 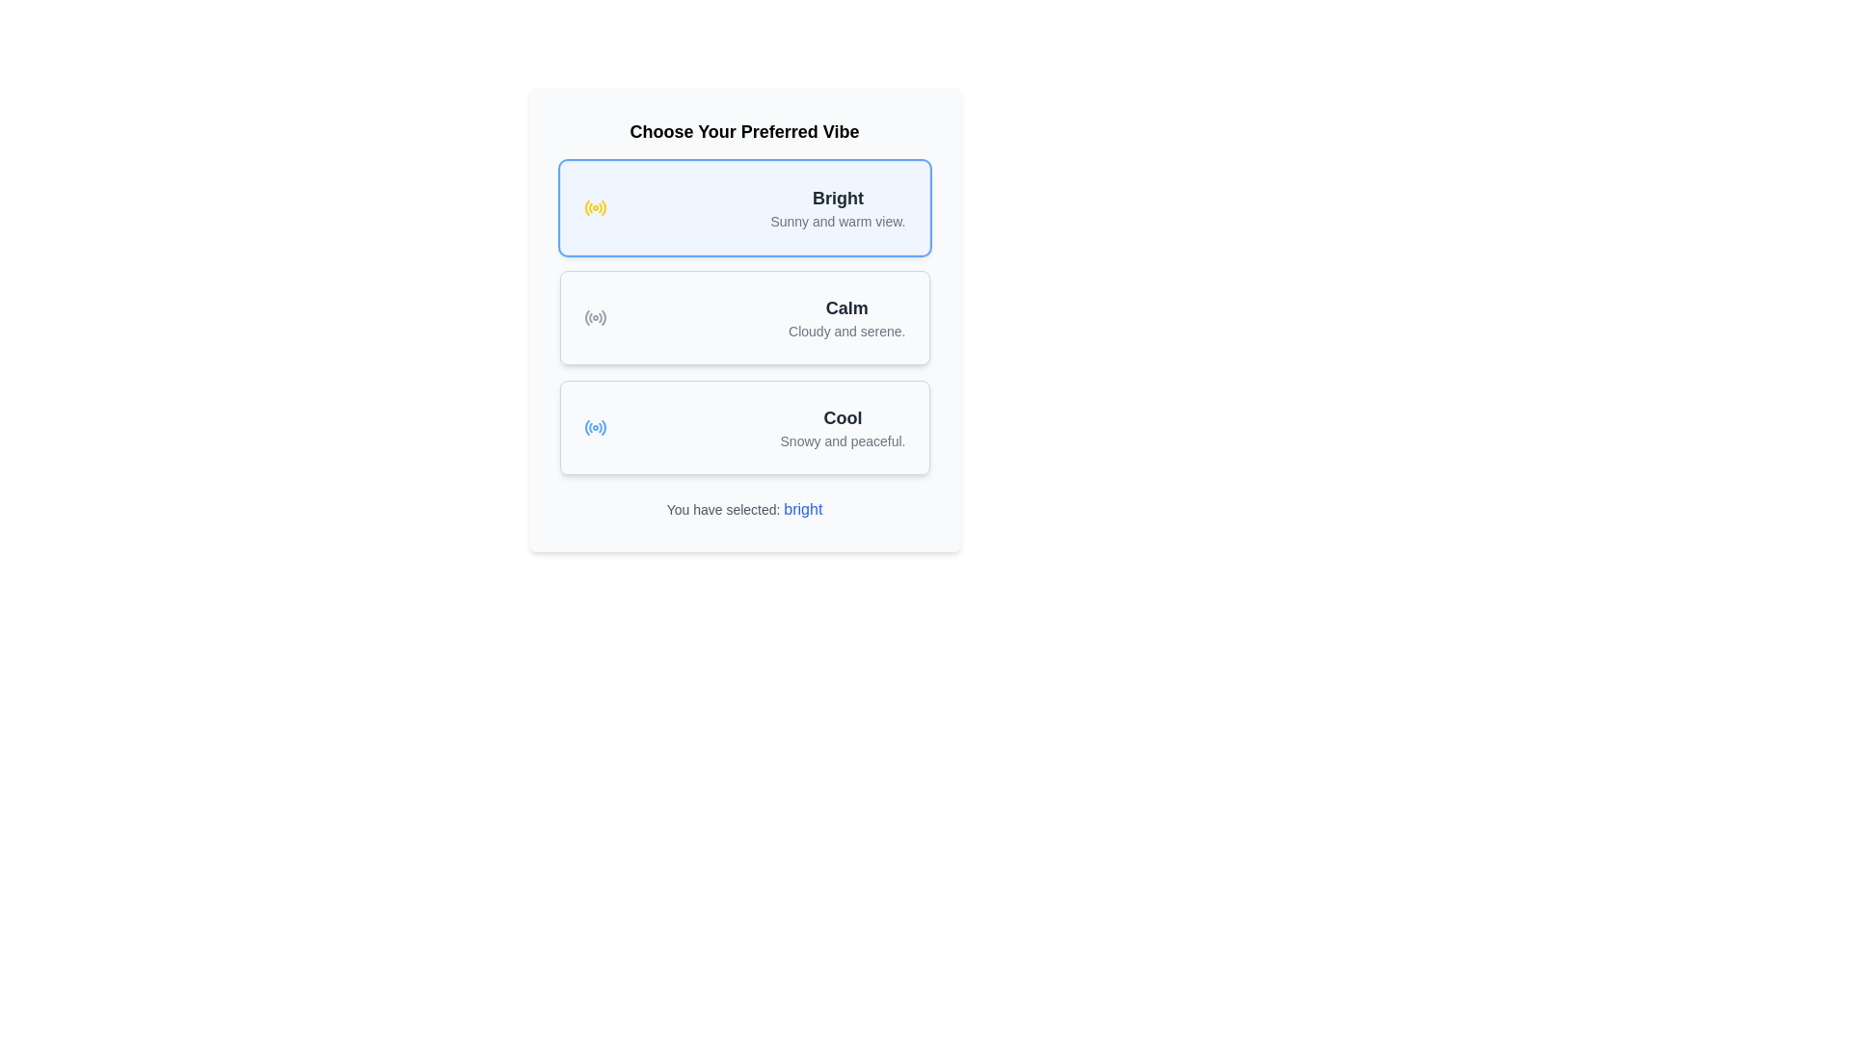 I want to click on the text label that says 'You have selected:', which is a small-sized gray font located at the bottom of the central panel above the 'bright' text, so click(x=724, y=508).